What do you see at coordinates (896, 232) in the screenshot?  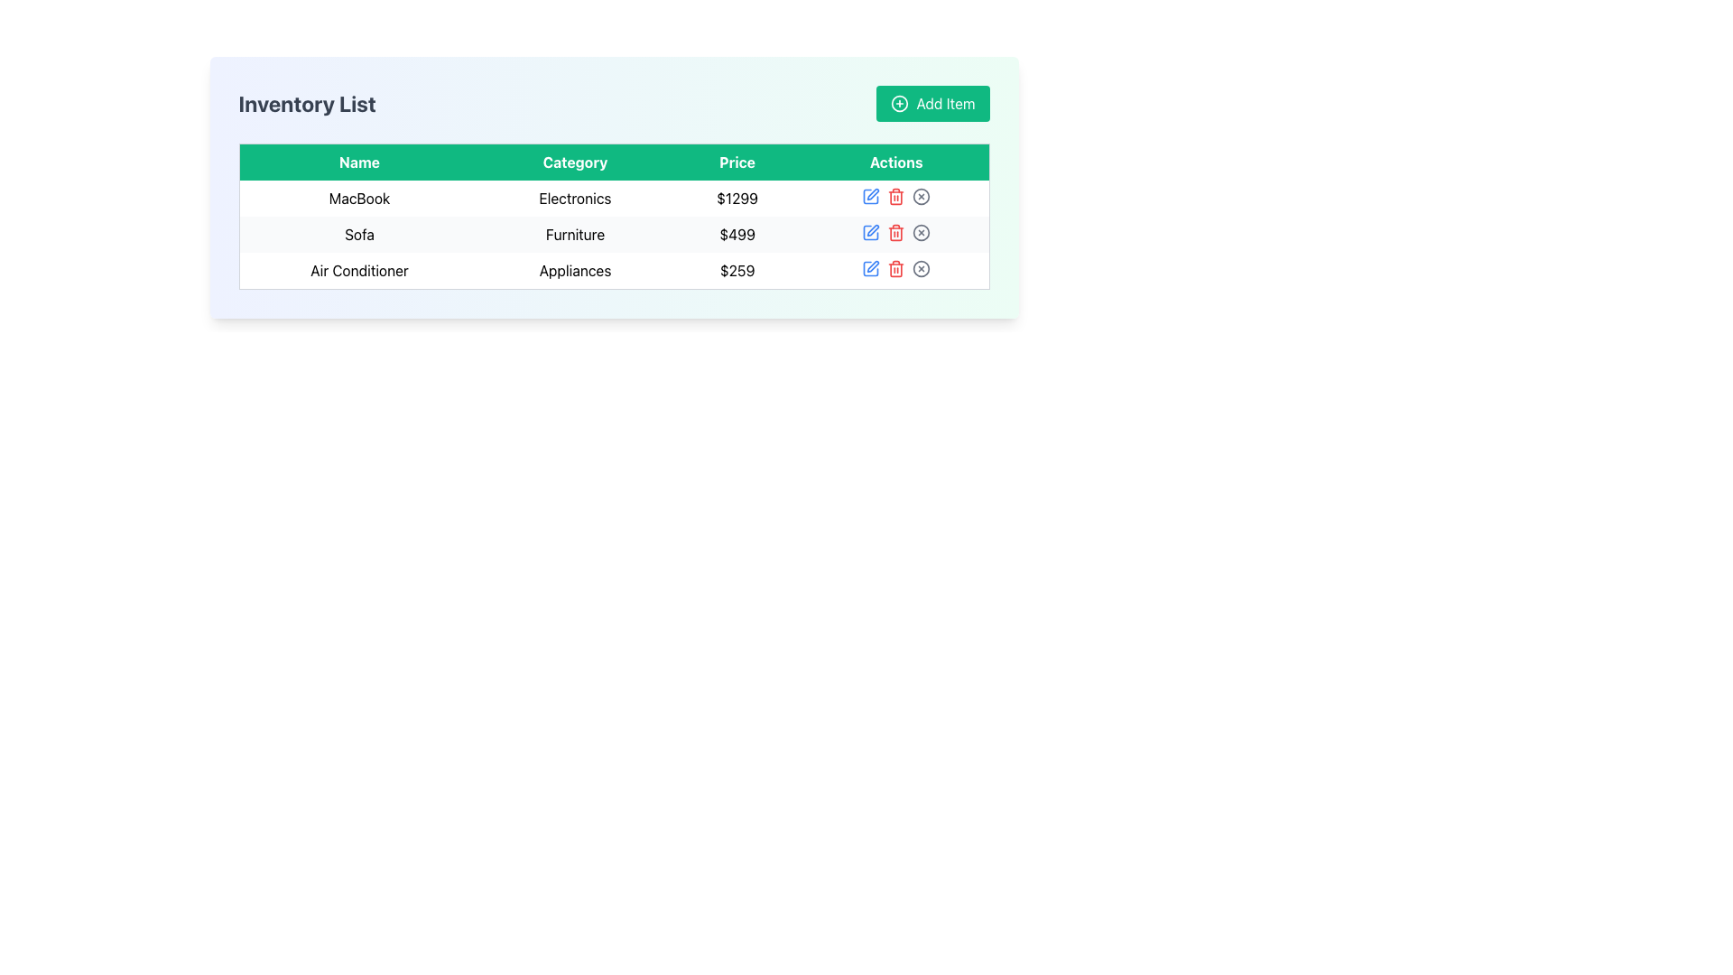 I see `the group of interactive icons in the 'Actions' section of the second row labelled 'Furniture' in the table` at bounding box center [896, 232].